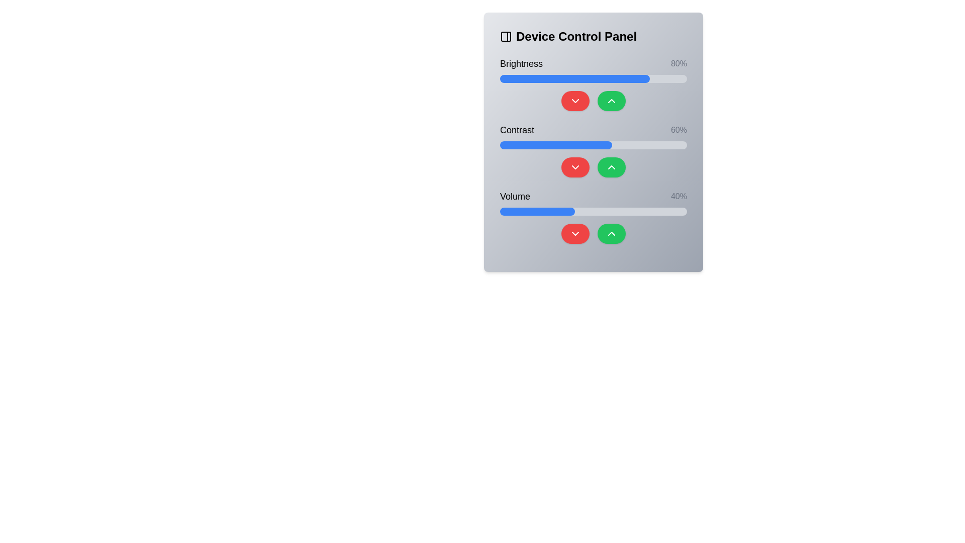 Image resolution: width=965 pixels, height=543 pixels. Describe the element at coordinates (575, 166) in the screenshot. I see `the downward-facing chevron SVG icon, which is styled with a red background and white arrow, to decrease the value of the 'Contrast' control` at that location.